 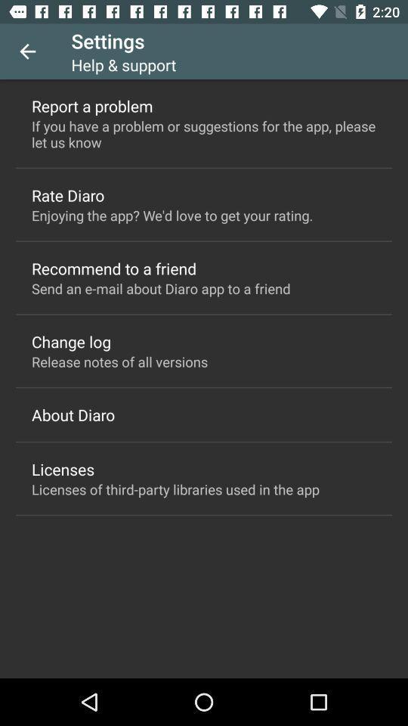 What do you see at coordinates (175, 489) in the screenshot?
I see `the licenses of third` at bounding box center [175, 489].